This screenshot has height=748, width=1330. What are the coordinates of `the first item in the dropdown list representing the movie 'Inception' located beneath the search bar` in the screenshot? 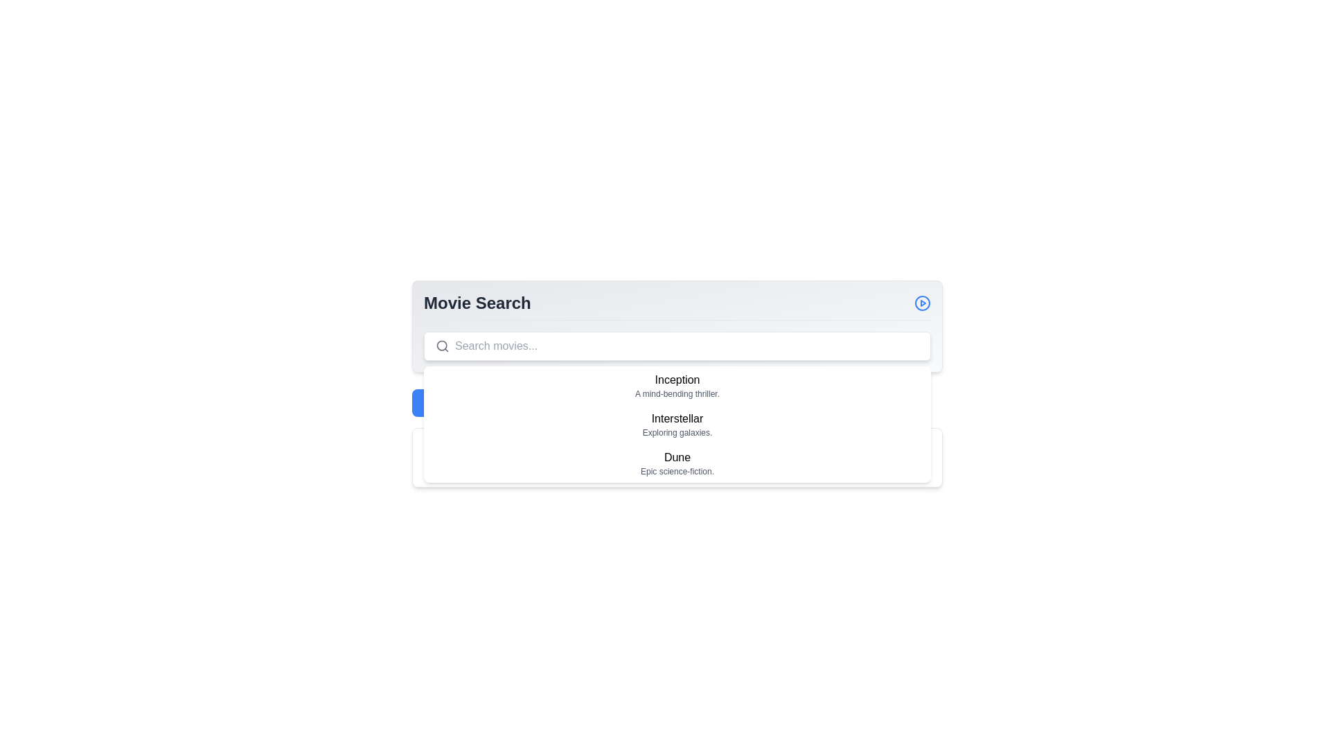 It's located at (677, 385).